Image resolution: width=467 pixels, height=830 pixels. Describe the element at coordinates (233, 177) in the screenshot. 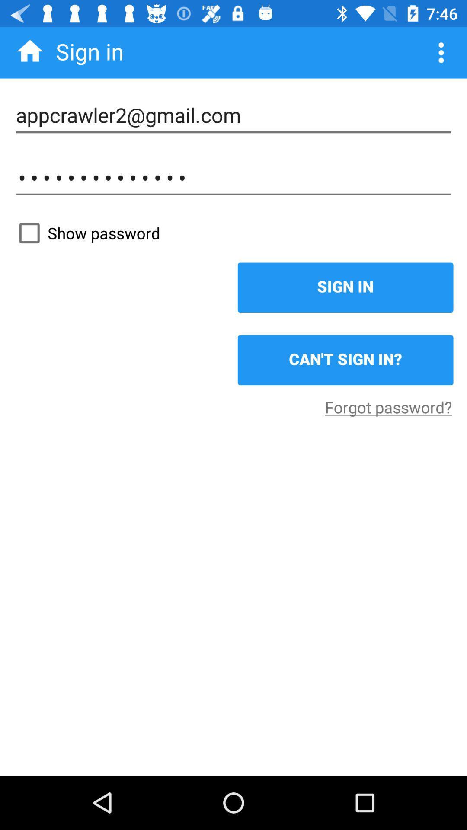

I see `icon above show password` at that location.